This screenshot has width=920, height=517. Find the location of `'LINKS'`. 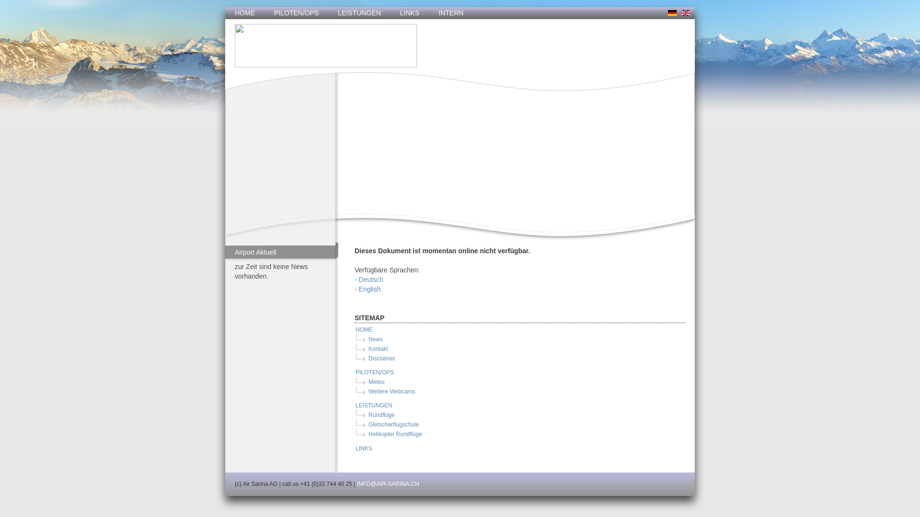

'LINKS' is located at coordinates (363, 449).